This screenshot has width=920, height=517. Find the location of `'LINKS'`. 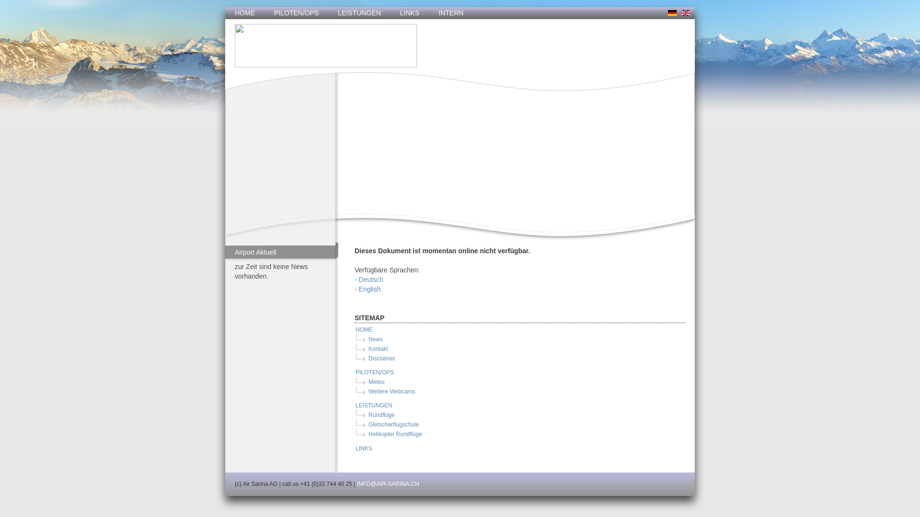

'LINKS' is located at coordinates (363, 449).